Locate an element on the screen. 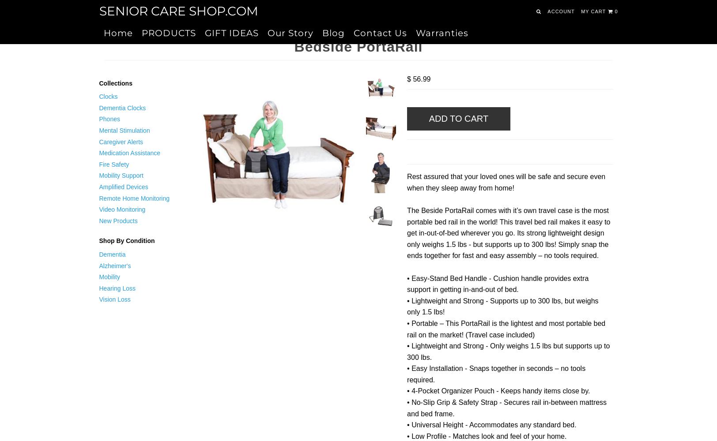 Image resolution: width=717 pixels, height=441 pixels. 'Phones' is located at coordinates (109, 119).